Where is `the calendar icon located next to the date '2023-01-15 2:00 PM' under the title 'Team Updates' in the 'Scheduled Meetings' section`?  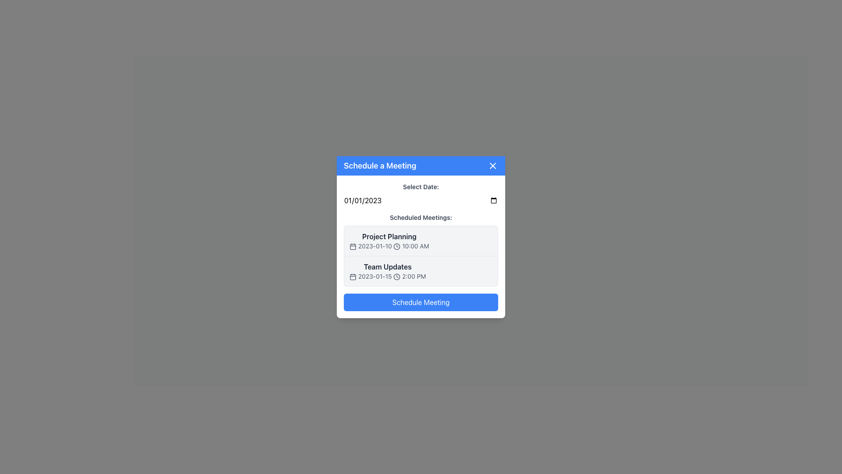 the calendar icon located next to the date '2023-01-15 2:00 PM' under the title 'Team Updates' in the 'Scheduled Meetings' section is located at coordinates (353, 276).